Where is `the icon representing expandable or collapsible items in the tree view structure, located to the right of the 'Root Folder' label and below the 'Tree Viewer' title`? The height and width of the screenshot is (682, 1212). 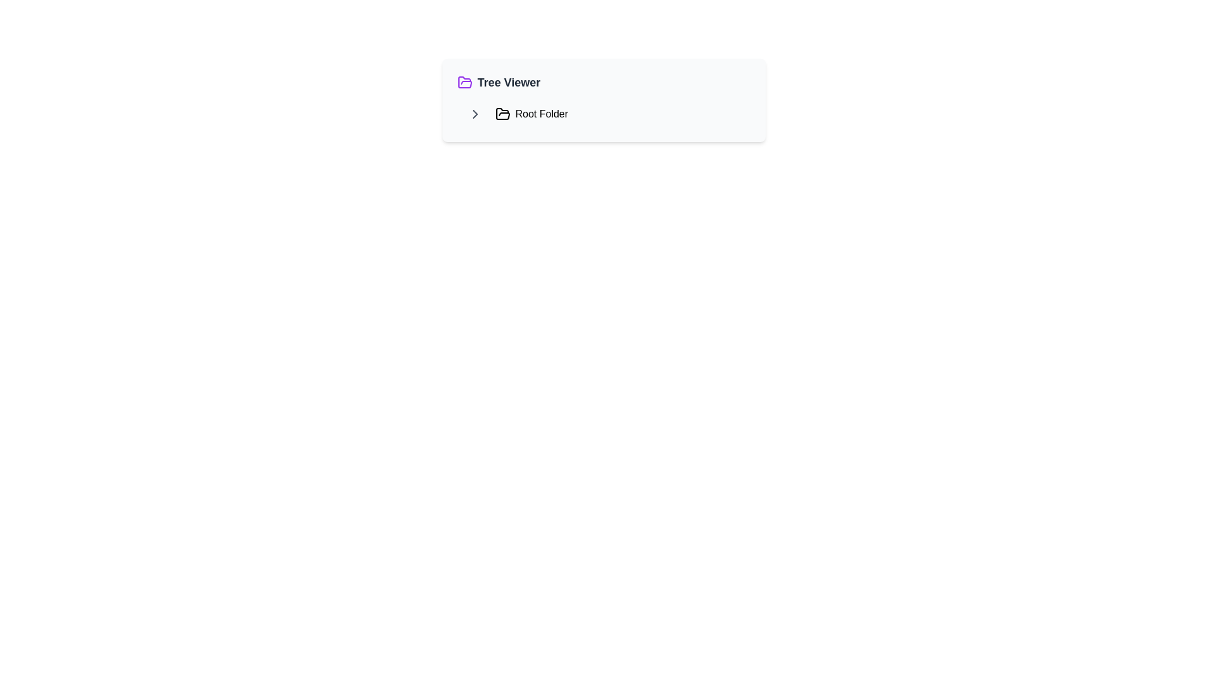 the icon representing expandable or collapsible items in the tree view structure, located to the right of the 'Root Folder' label and below the 'Tree Viewer' title is located at coordinates (474, 114).